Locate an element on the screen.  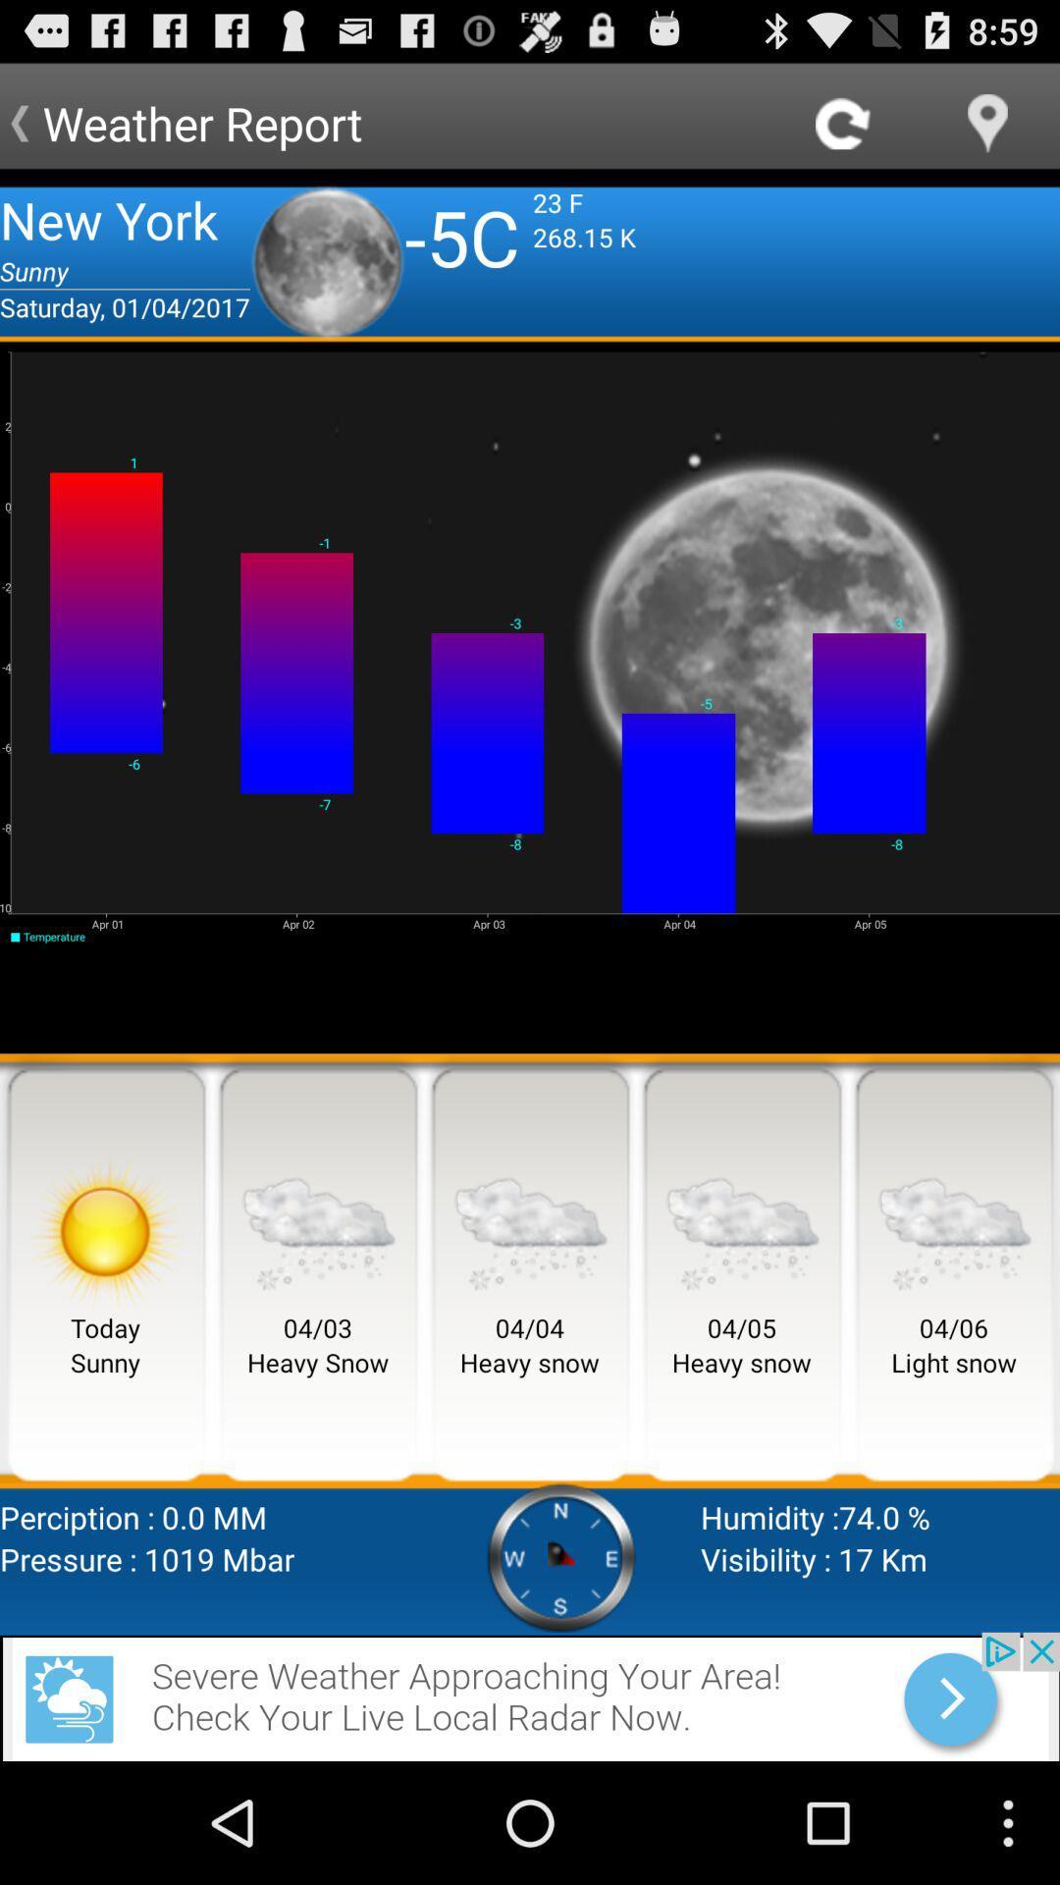
location is located at coordinates (987, 122).